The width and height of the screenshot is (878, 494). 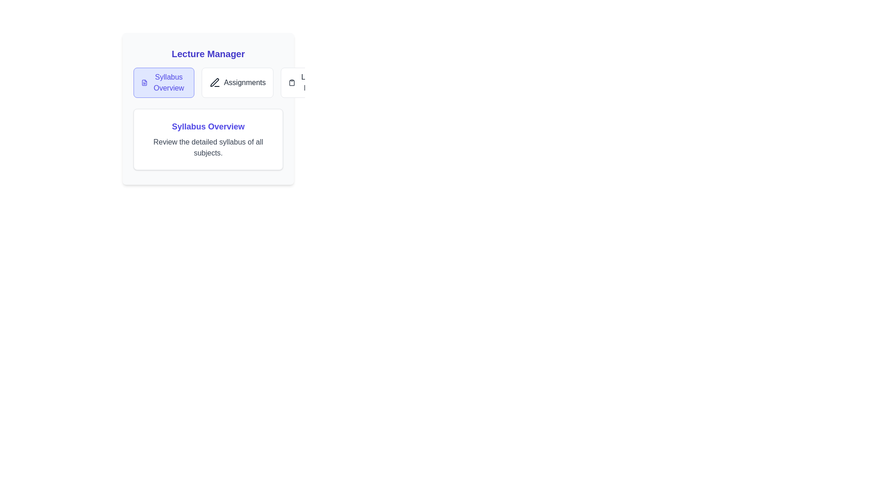 I want to click on the 'Syllabus Overview' informative section with a white background and rounded corners for accessibility, so click(x=208, y=108).